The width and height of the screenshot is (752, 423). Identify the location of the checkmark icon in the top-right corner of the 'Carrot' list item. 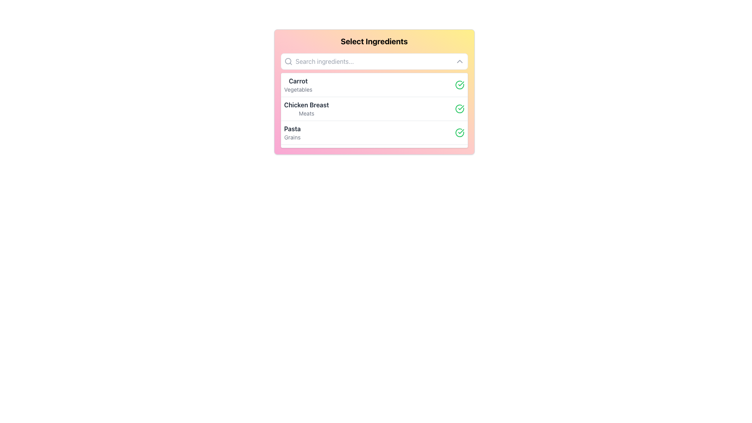
(459, 108).